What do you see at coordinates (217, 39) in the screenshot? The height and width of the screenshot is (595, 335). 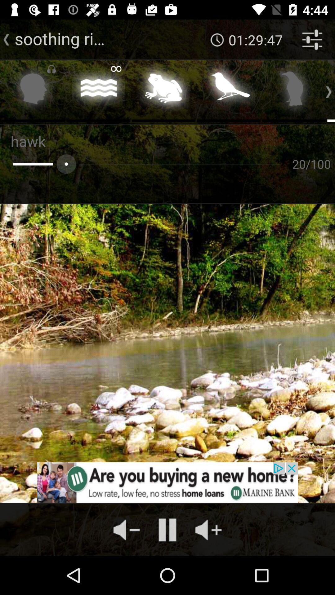 I see `the time icon` at bounding box center [217, 39].